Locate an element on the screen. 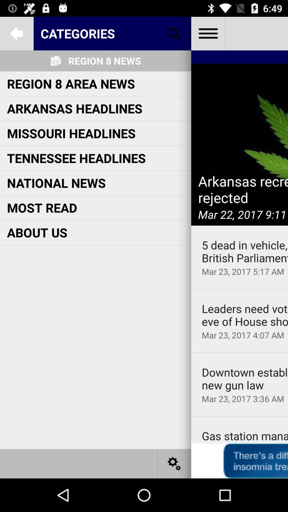  the arrow_backward icon is located at coordinates (16, 33).